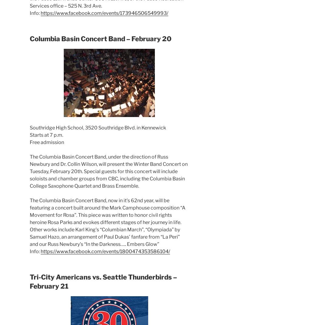 The width and height of the screenshot is (334, 325). Describe the element at coordinates (46, 134) in the screenshot. I see `'Starts at 7 p.m.'` at that location.